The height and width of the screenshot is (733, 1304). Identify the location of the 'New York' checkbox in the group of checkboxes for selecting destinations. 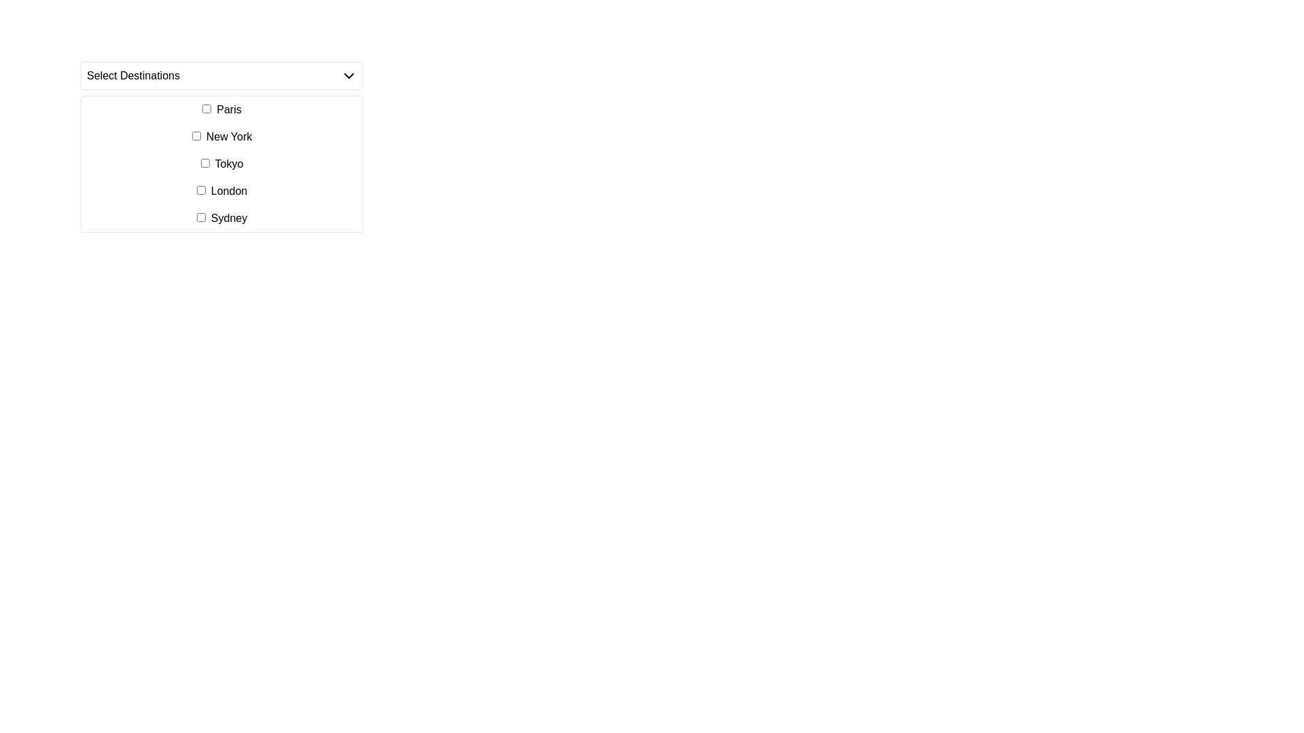
(221, 153).